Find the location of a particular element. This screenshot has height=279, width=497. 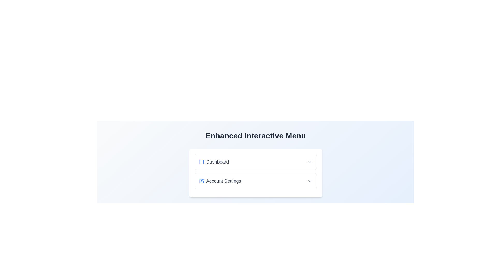

the text heading displaying 'Enhanced Interactive Menu' is located at coordinates (255, 135).